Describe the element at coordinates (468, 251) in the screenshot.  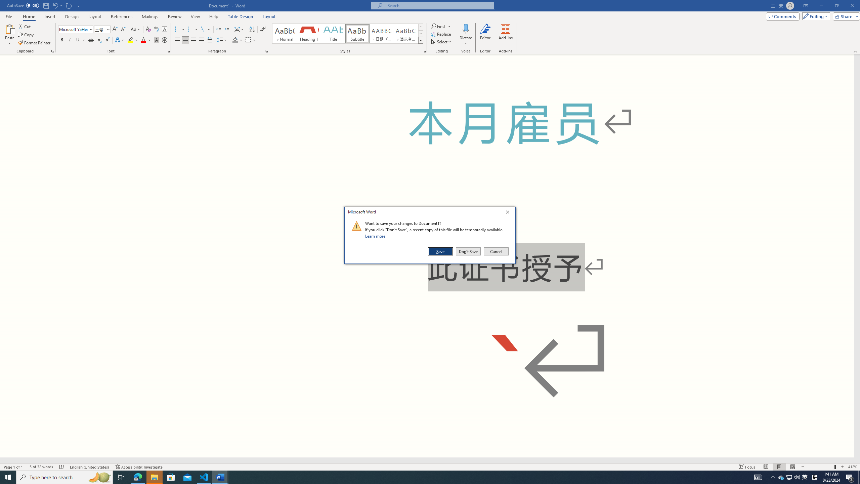
I see `'Don'` at that location.